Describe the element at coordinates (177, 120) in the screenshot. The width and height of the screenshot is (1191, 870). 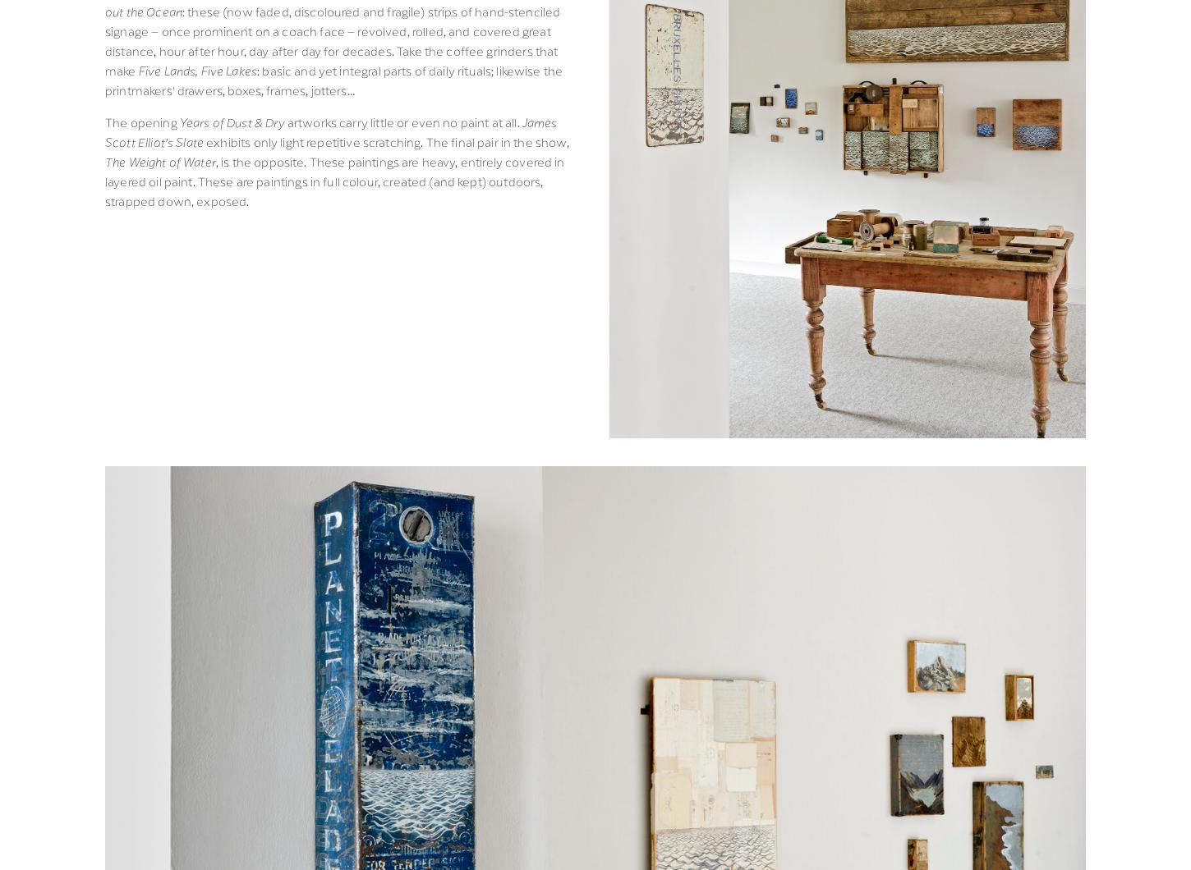
I see `'Years of Dust & Dry'` at that location.